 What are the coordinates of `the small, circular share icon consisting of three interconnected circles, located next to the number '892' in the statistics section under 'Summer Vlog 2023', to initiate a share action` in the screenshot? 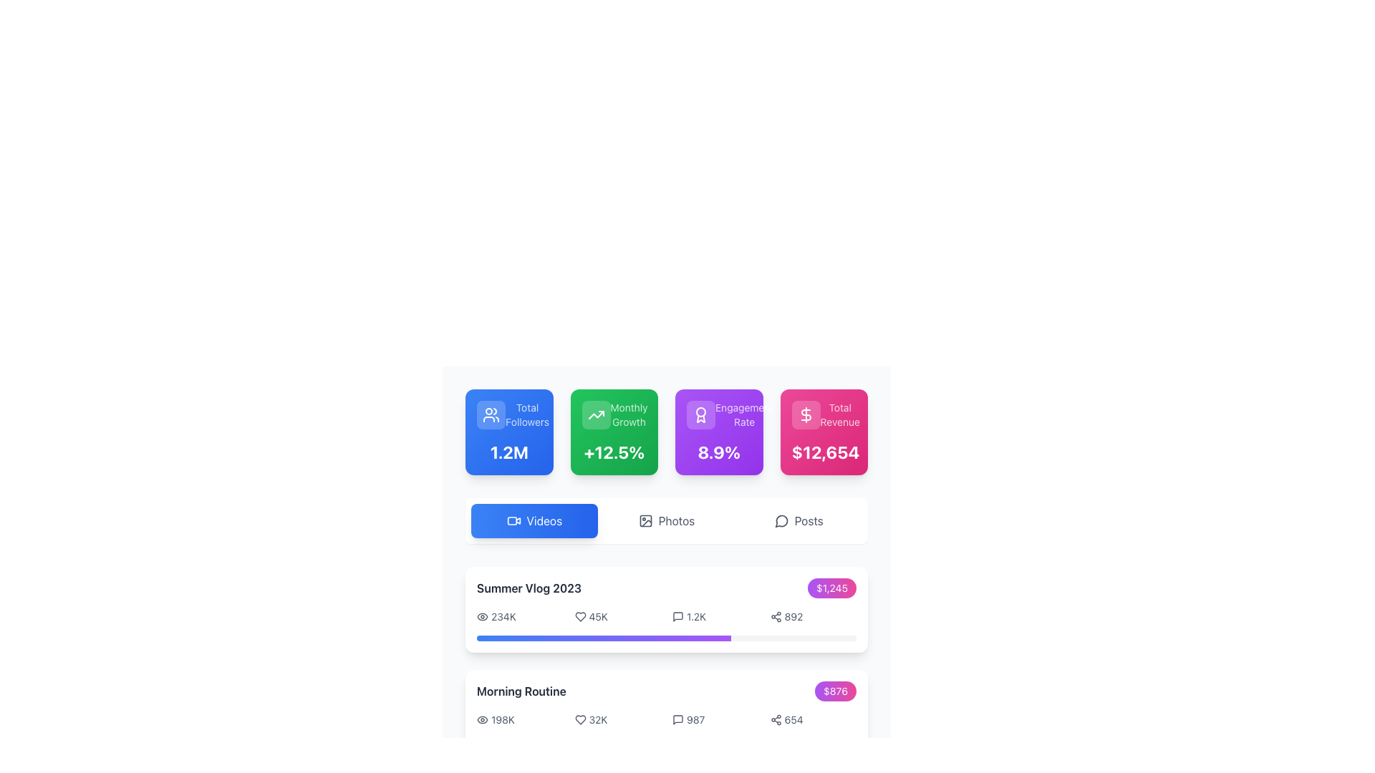 It's located at (775, 616).